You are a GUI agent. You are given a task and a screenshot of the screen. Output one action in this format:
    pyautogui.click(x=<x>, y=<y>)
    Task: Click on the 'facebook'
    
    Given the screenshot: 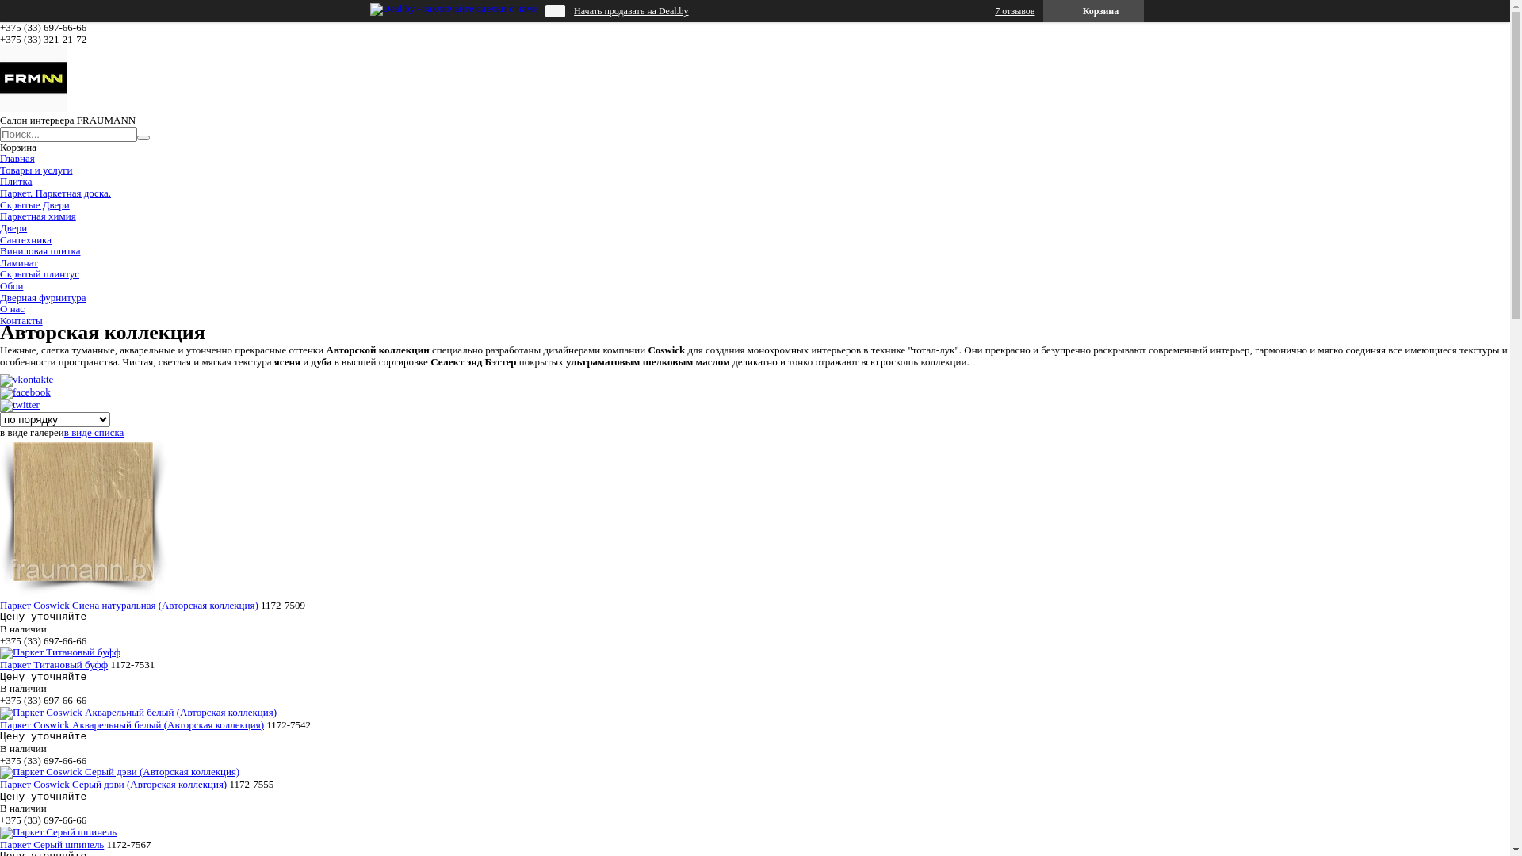 What is the action you would take?
    pyautogui.click(x=25, y=392)
    